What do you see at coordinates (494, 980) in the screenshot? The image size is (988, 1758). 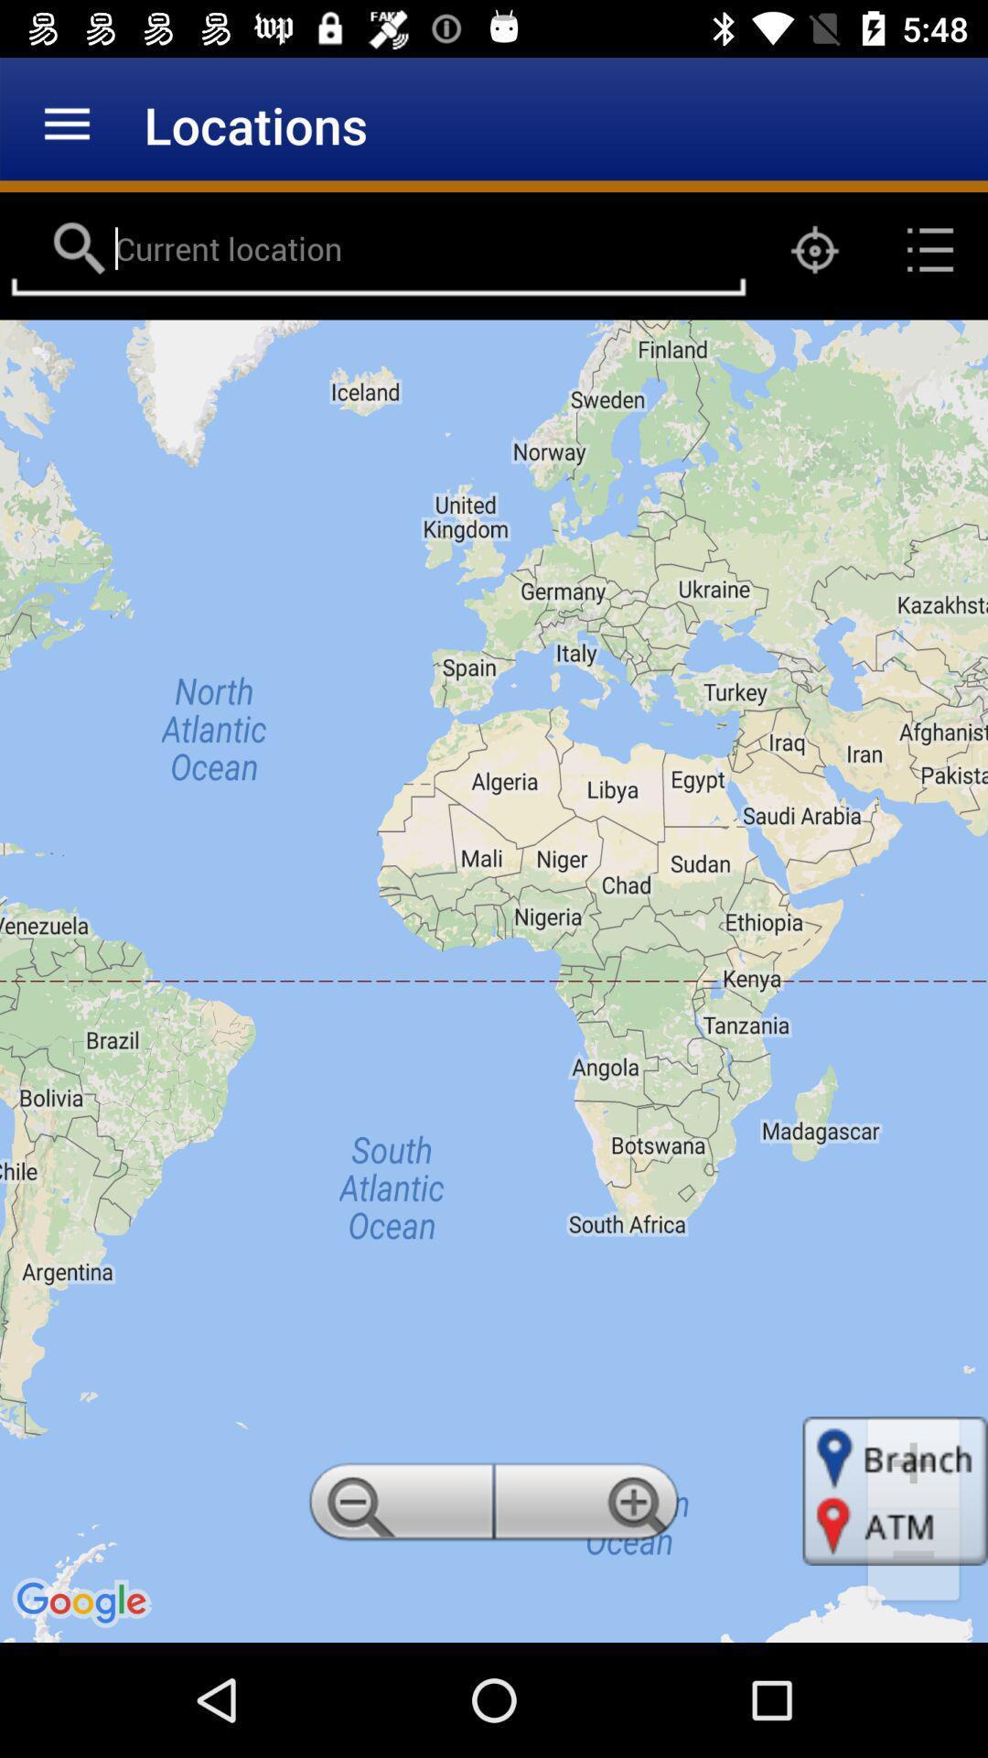 I see `item at the center` at bounding box center [494, 980].